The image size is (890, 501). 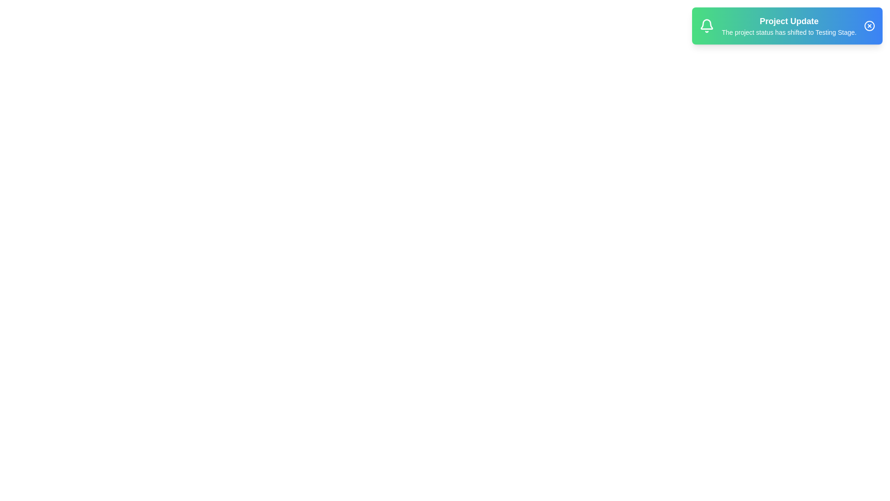 I want to click on the bell icon to observe its details, so click(x=706, y=26).